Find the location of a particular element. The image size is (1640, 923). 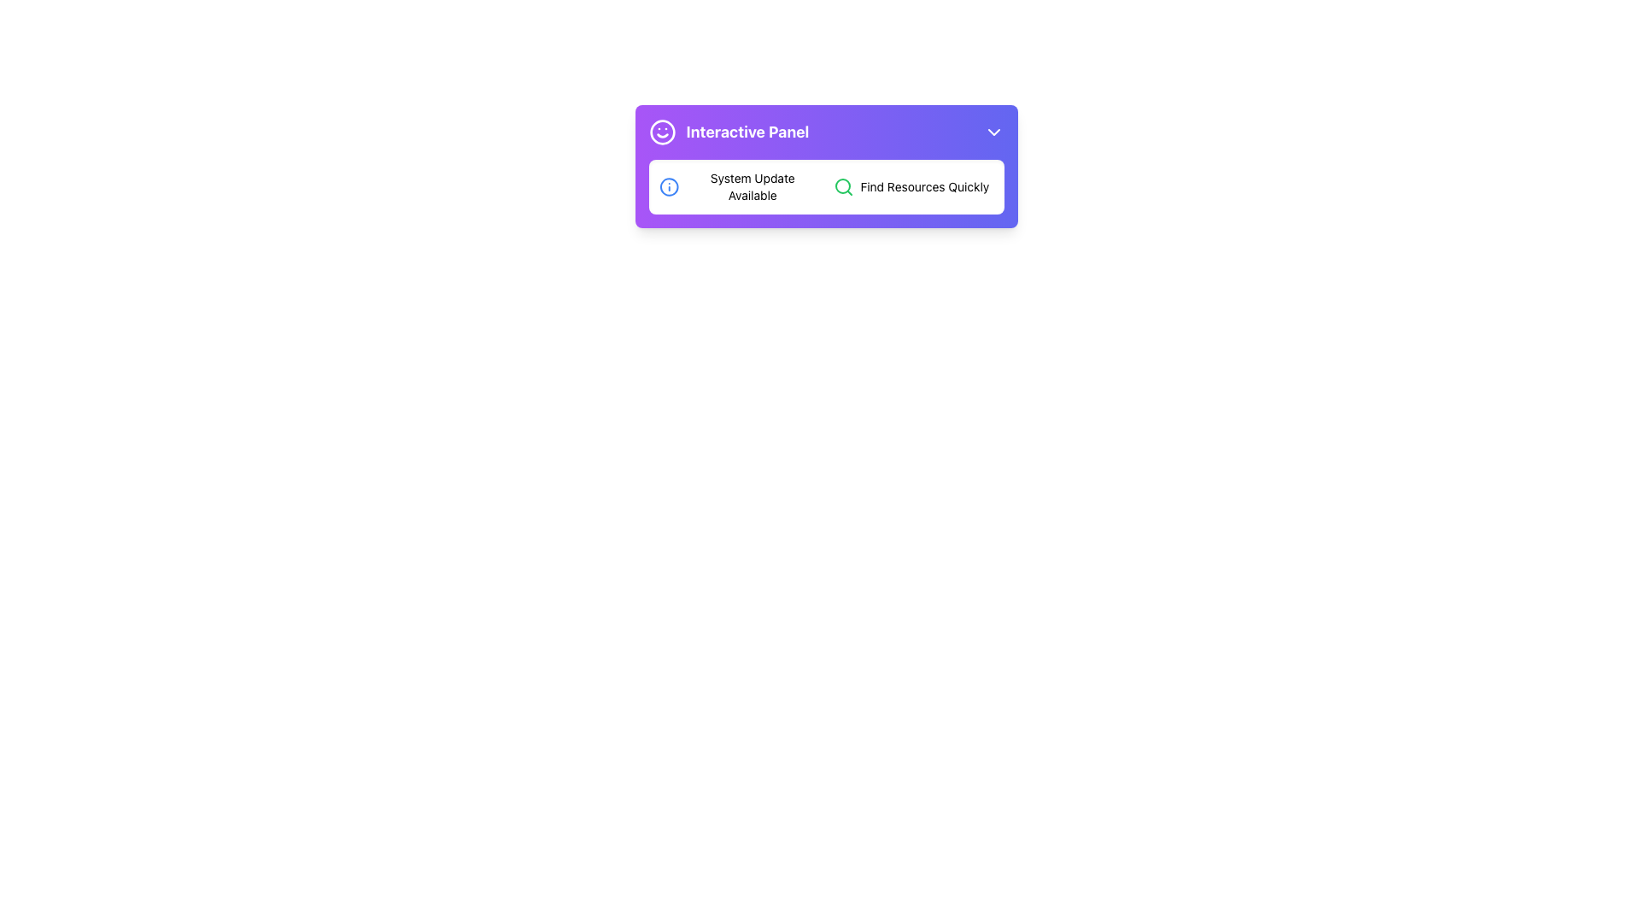

the outer circular boundary of the SVG icon located at the top-left section of the interactive panel, which enhances the user experience by visually associating with the panel's purpose or action is located at coordinates (668, 187).